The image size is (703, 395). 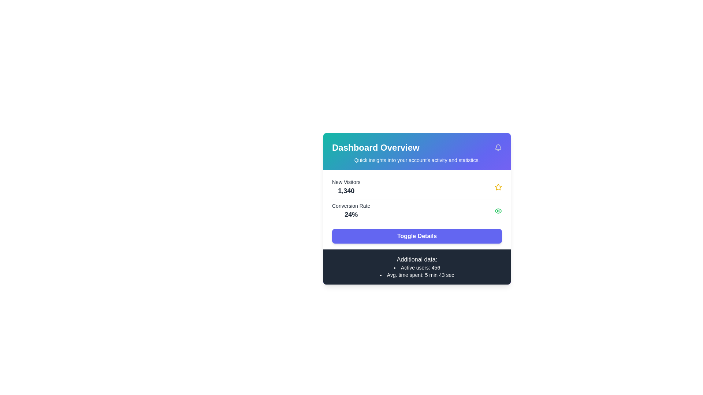 I want to click on the eye icon indicating visibility for the Conversion Rate metric, located at the far-right of the Conversion Rate section, so click(x=498, y=211).